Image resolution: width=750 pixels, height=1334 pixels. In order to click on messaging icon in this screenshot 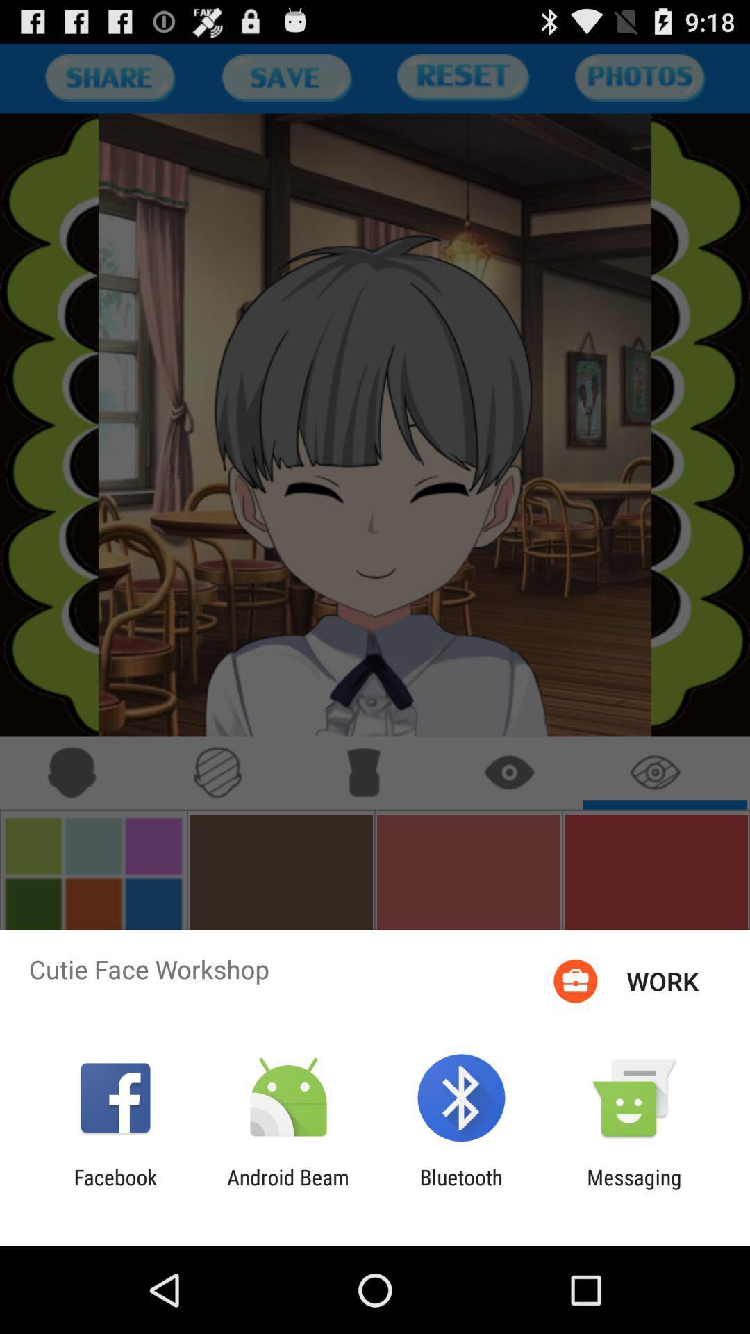, I will do `click(634, 1189)`.